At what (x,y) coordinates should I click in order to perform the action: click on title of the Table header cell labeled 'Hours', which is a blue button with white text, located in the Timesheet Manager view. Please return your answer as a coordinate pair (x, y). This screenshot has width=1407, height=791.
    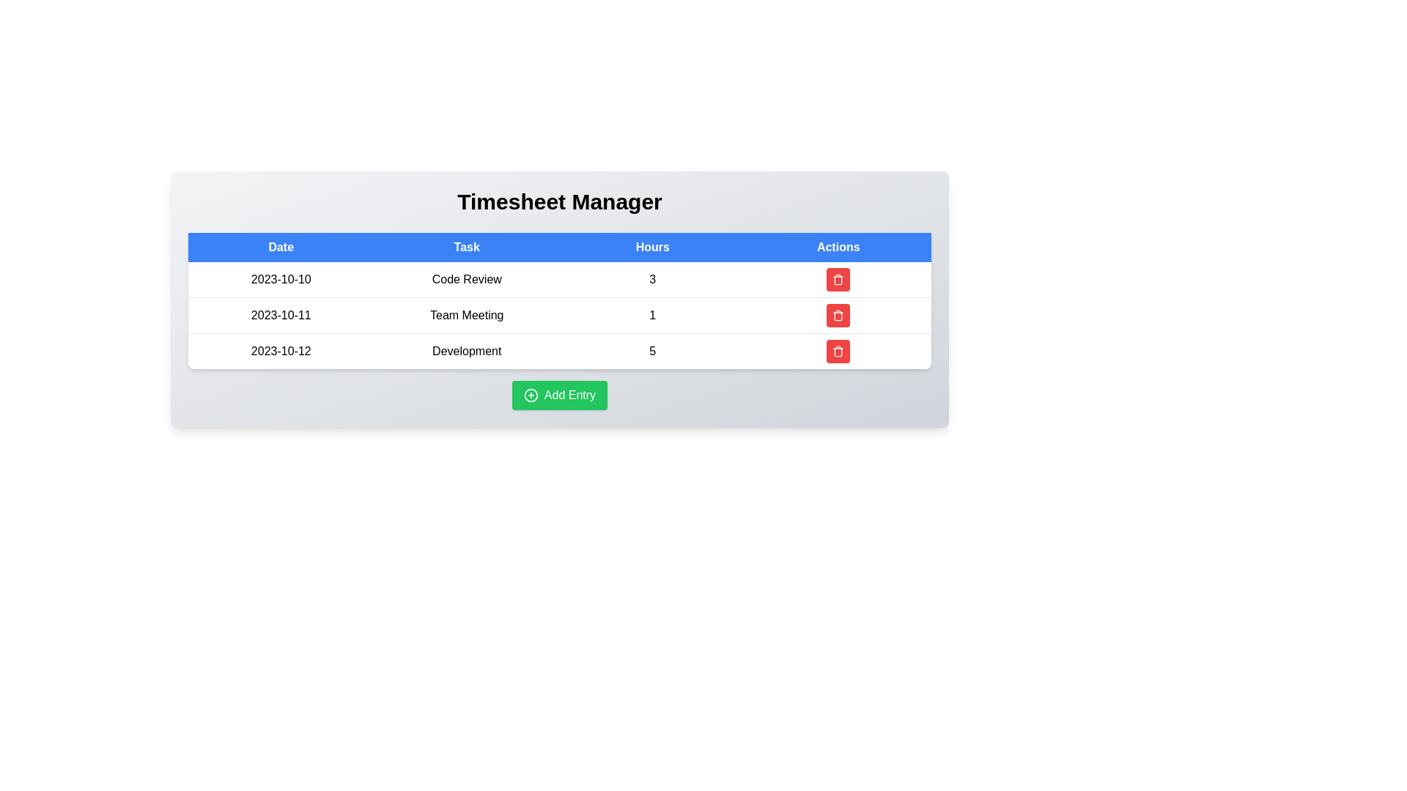
    Looking at the image, I should click on (651, 247).